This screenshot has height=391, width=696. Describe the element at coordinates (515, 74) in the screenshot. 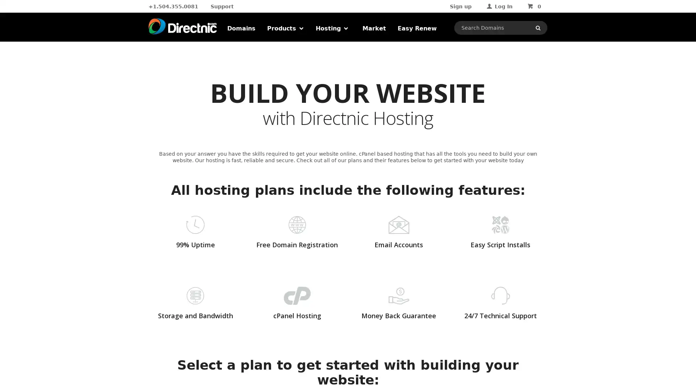

I see `LOGIN` at that location.